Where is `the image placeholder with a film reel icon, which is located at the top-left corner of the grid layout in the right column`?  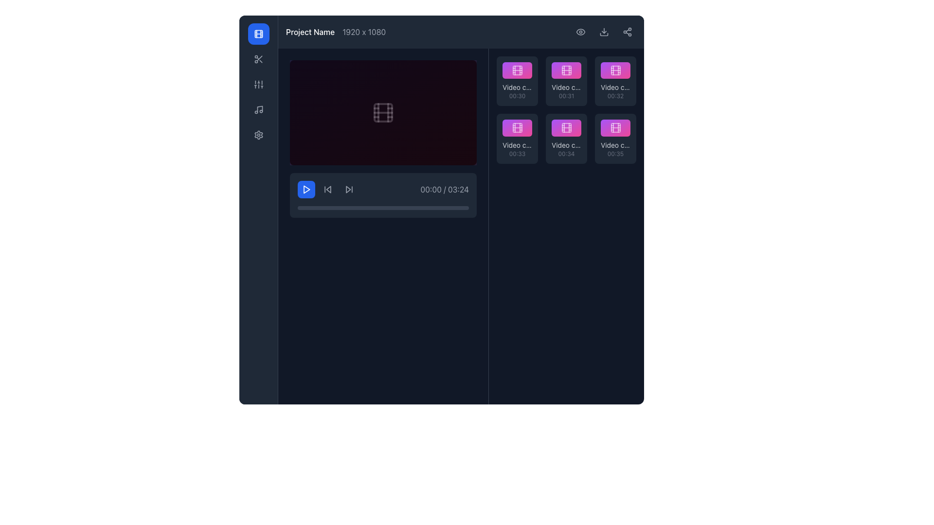 the image placeholder with a film reel icon, which is located at the top-left corner of the grid layout in the right column is located at coordinates (517, 70).